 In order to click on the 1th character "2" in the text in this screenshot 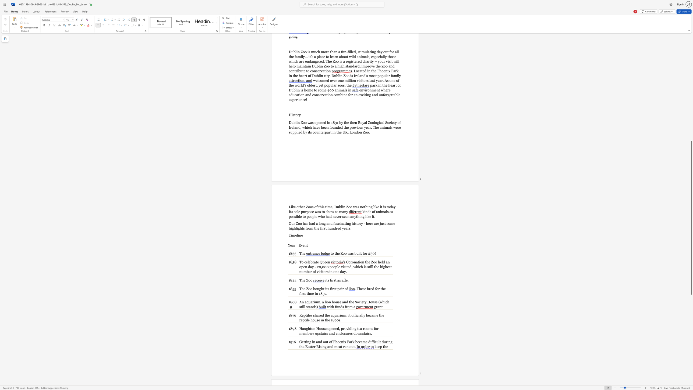, I will do `click(318, 267)`.